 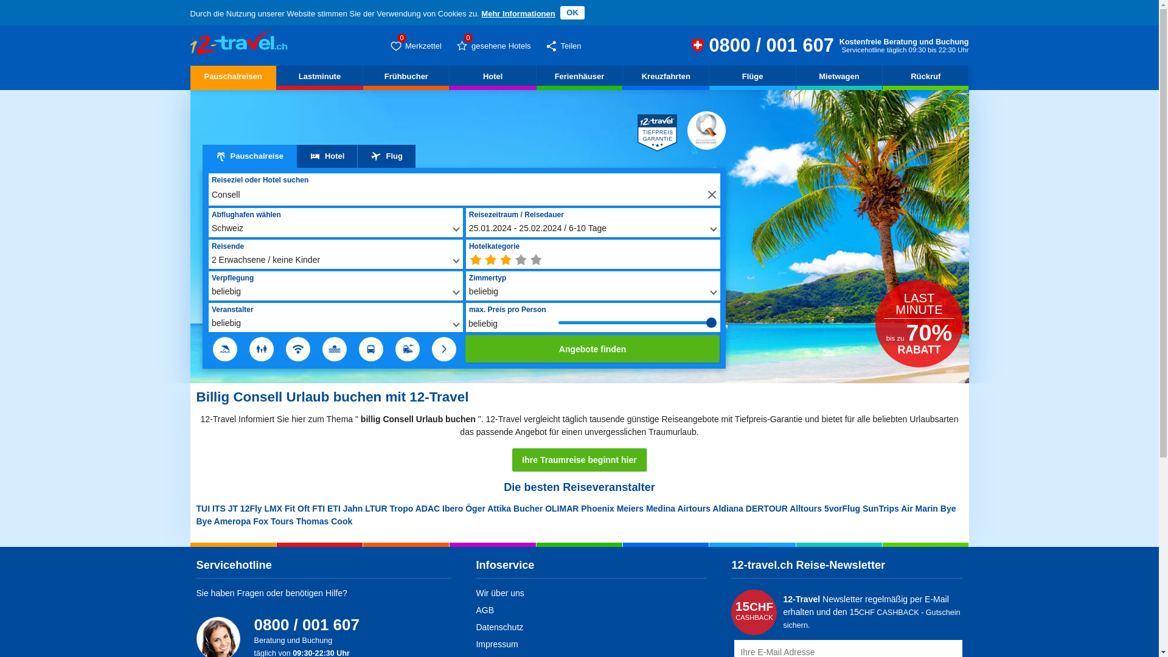 I want to click on 'Pauschalreise', so click(x=248, y=156).